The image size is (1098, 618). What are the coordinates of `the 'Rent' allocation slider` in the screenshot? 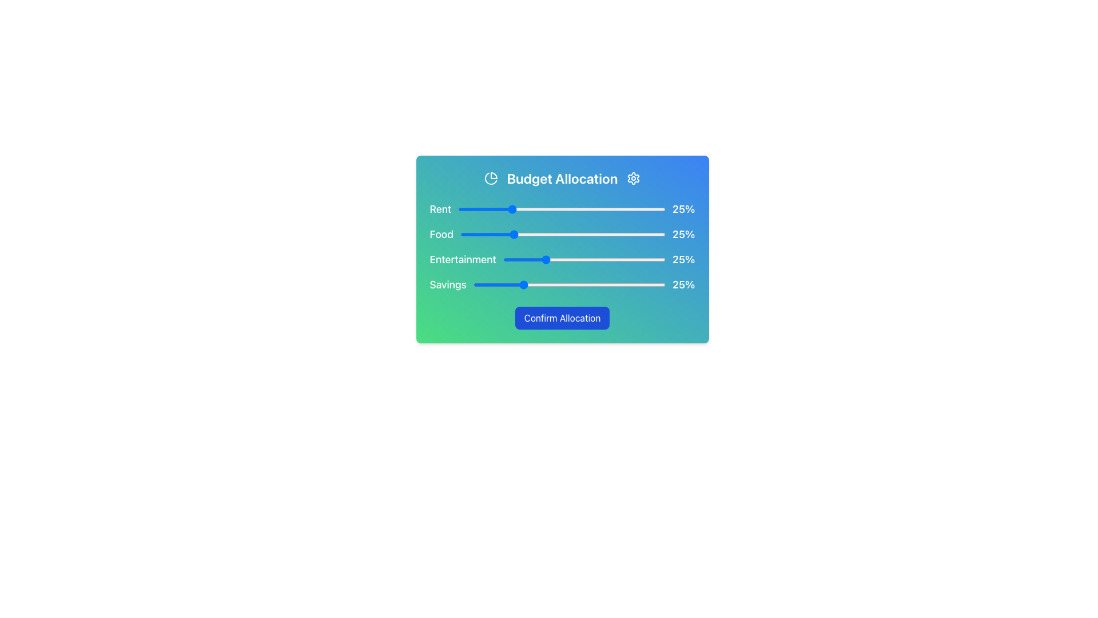 It's located at (532, 209).